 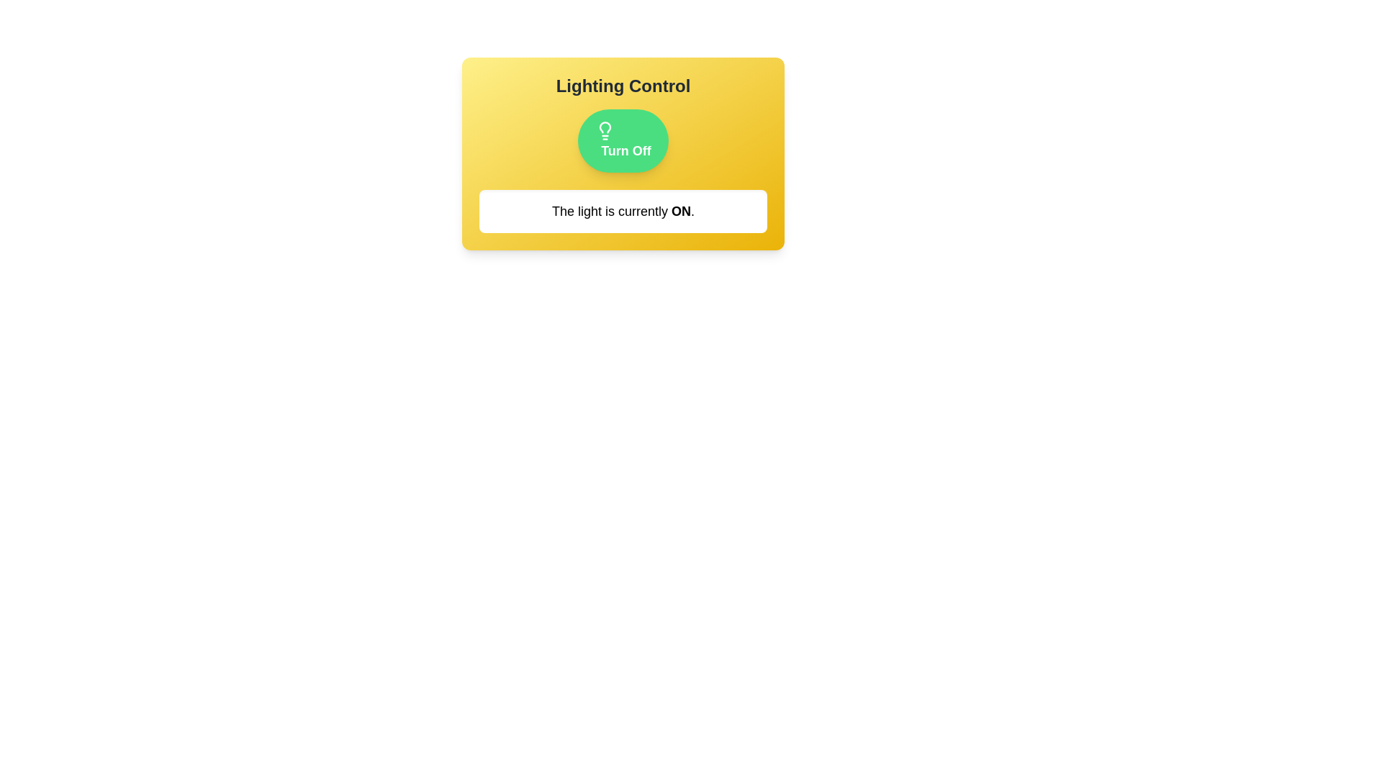 What do you see at coordinates (623, 141) in the screenshot?
I see `main button labeled 'Turn Off' to toggle the light state` at bounding box center [623, 141].